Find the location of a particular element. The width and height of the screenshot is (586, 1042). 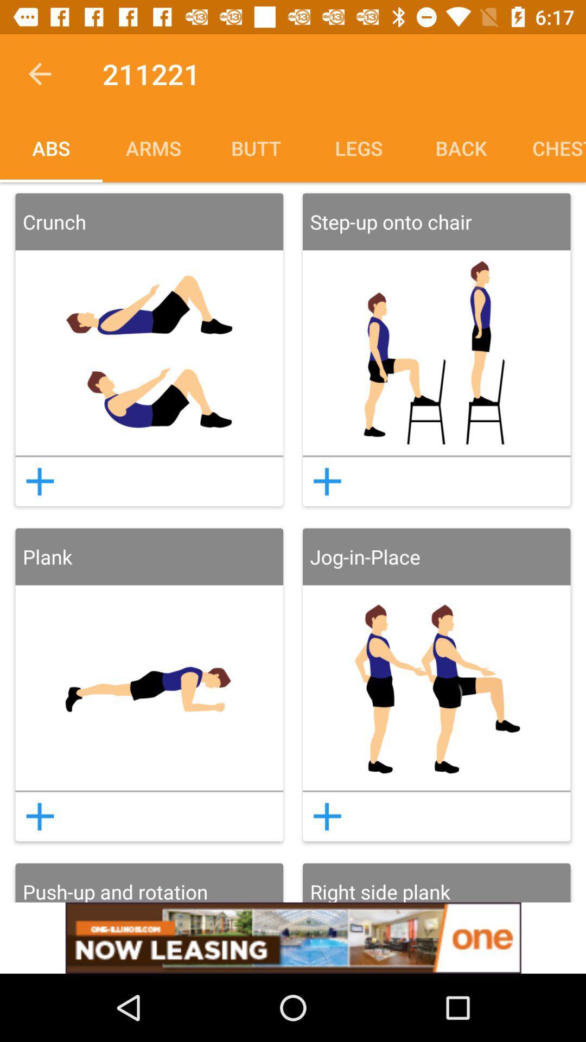

advertisement banner is located at coordinates (293, 937).